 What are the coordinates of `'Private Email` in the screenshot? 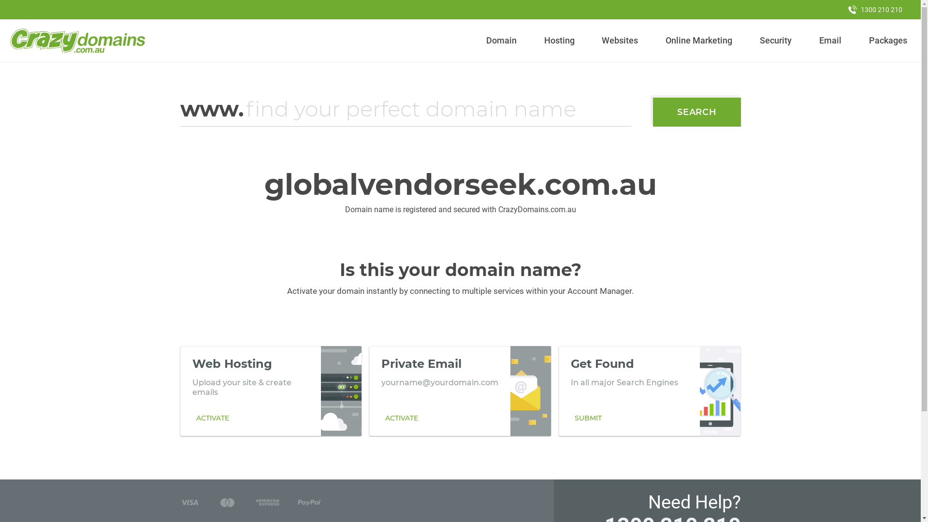 It's located at (459, 391).